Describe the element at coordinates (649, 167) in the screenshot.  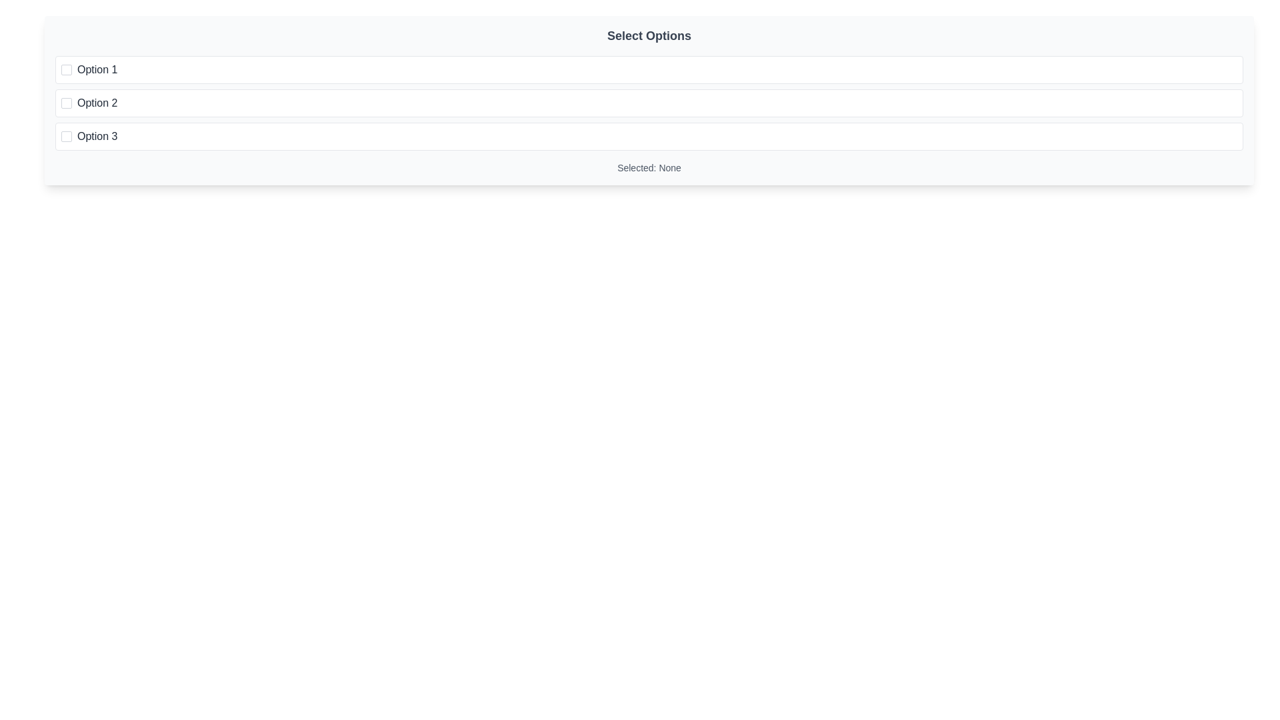
I see `the text label displaying 'Selected: None', which is styled in a small, gray font and located below a list of selectable options` at that location.